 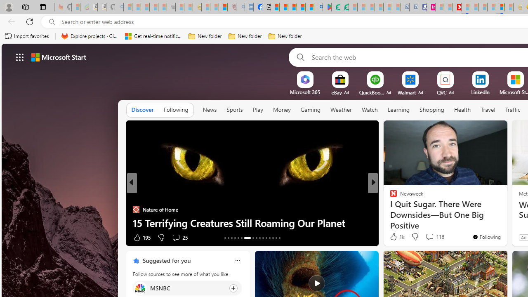 What do you see at coordinates (238, 238) in the screenshot?
I see `'AutomationID: tab-17'` at bounding box center [238, 238].